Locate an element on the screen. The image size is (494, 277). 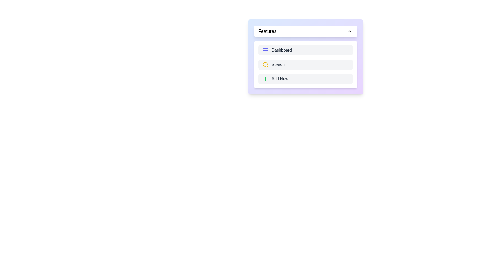
the text 'Add New' within the component is located at coordinates (305, 79).